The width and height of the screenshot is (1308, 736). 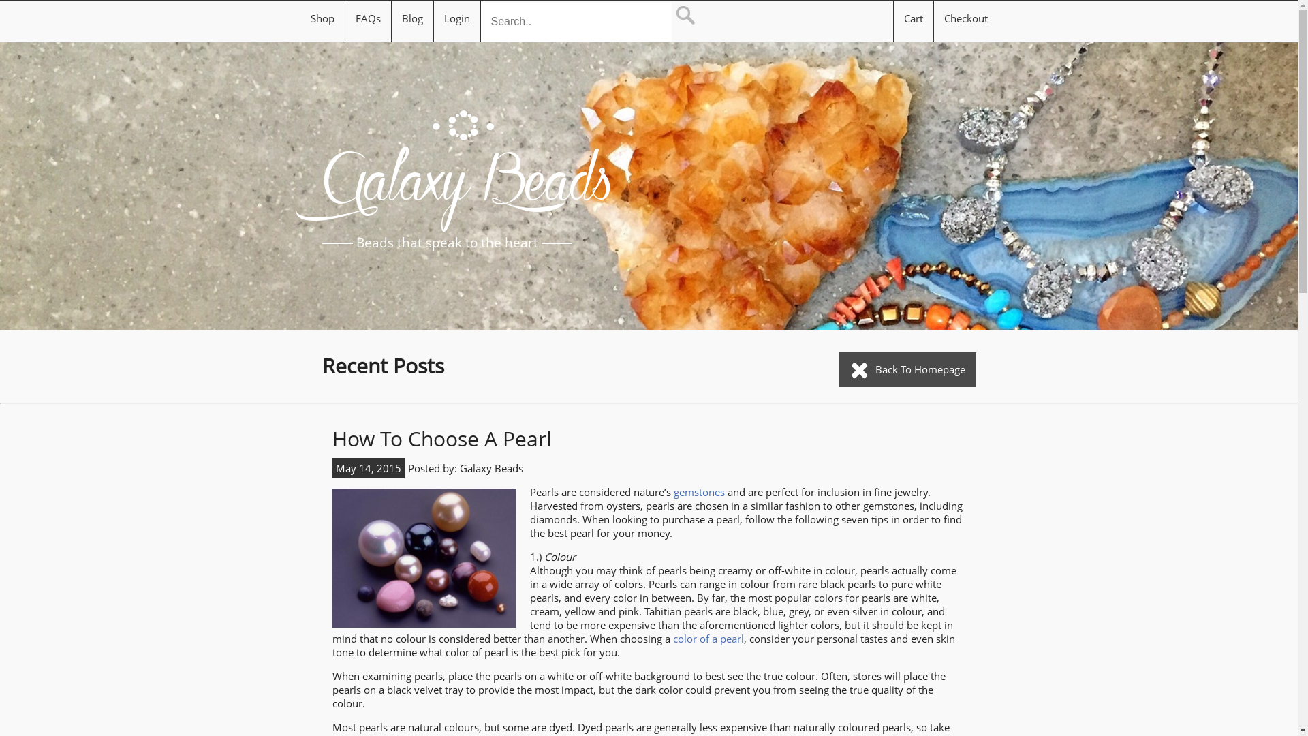 I want to click on 'FAQs', so click(x=356, y=18).